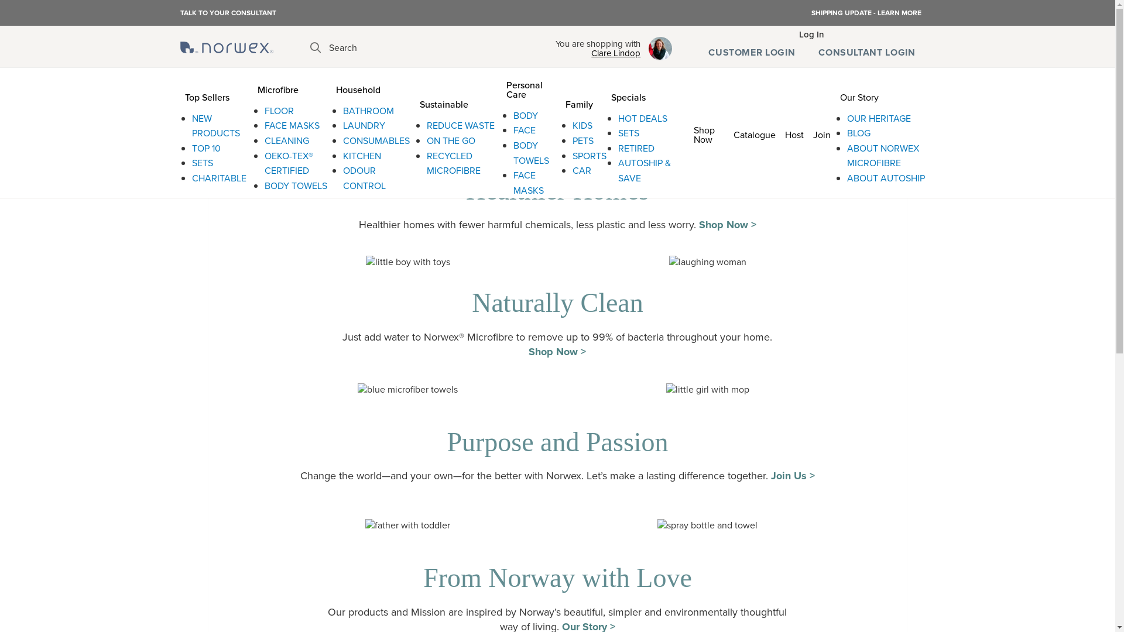 The image size is (1124, 632). I want to click on 'ABOUT AUTOSHIP', so click(886, 178).